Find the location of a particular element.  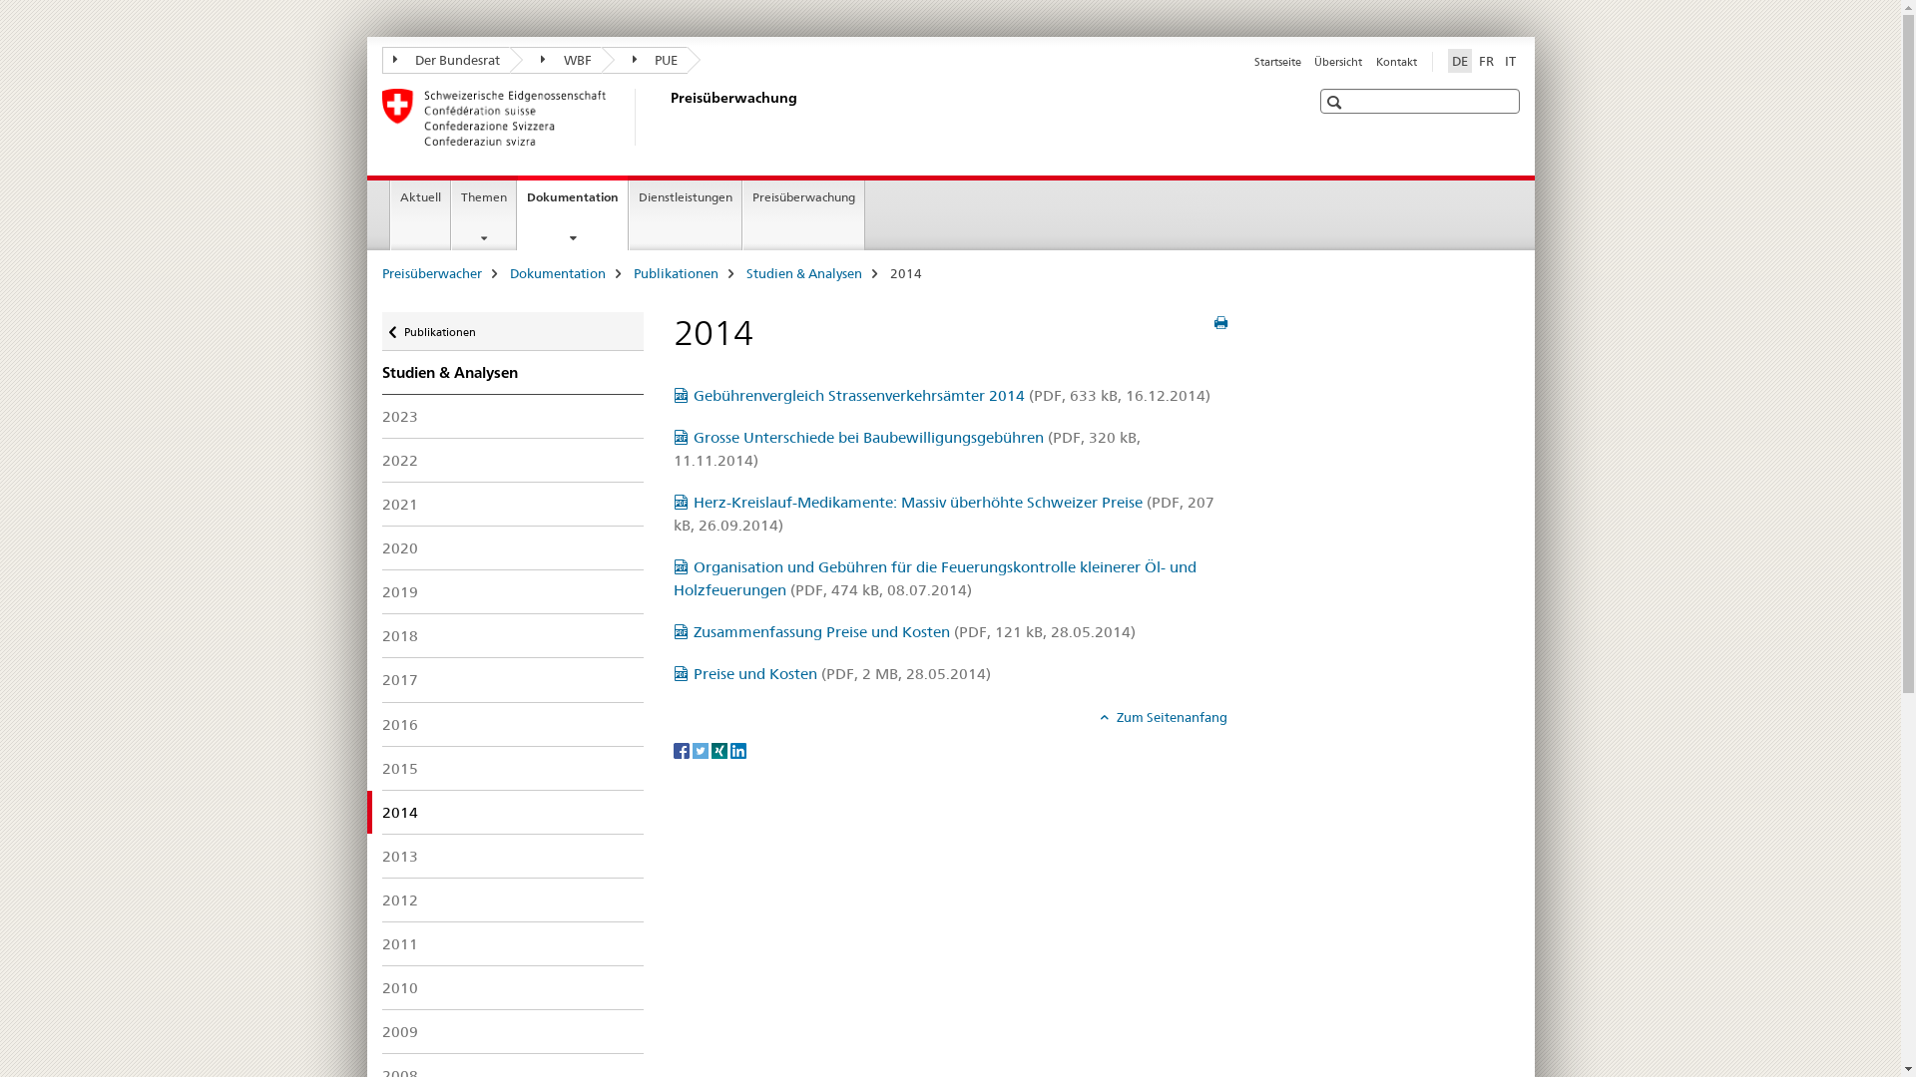

'Kontakt' is located at coordinates (1394, 60).